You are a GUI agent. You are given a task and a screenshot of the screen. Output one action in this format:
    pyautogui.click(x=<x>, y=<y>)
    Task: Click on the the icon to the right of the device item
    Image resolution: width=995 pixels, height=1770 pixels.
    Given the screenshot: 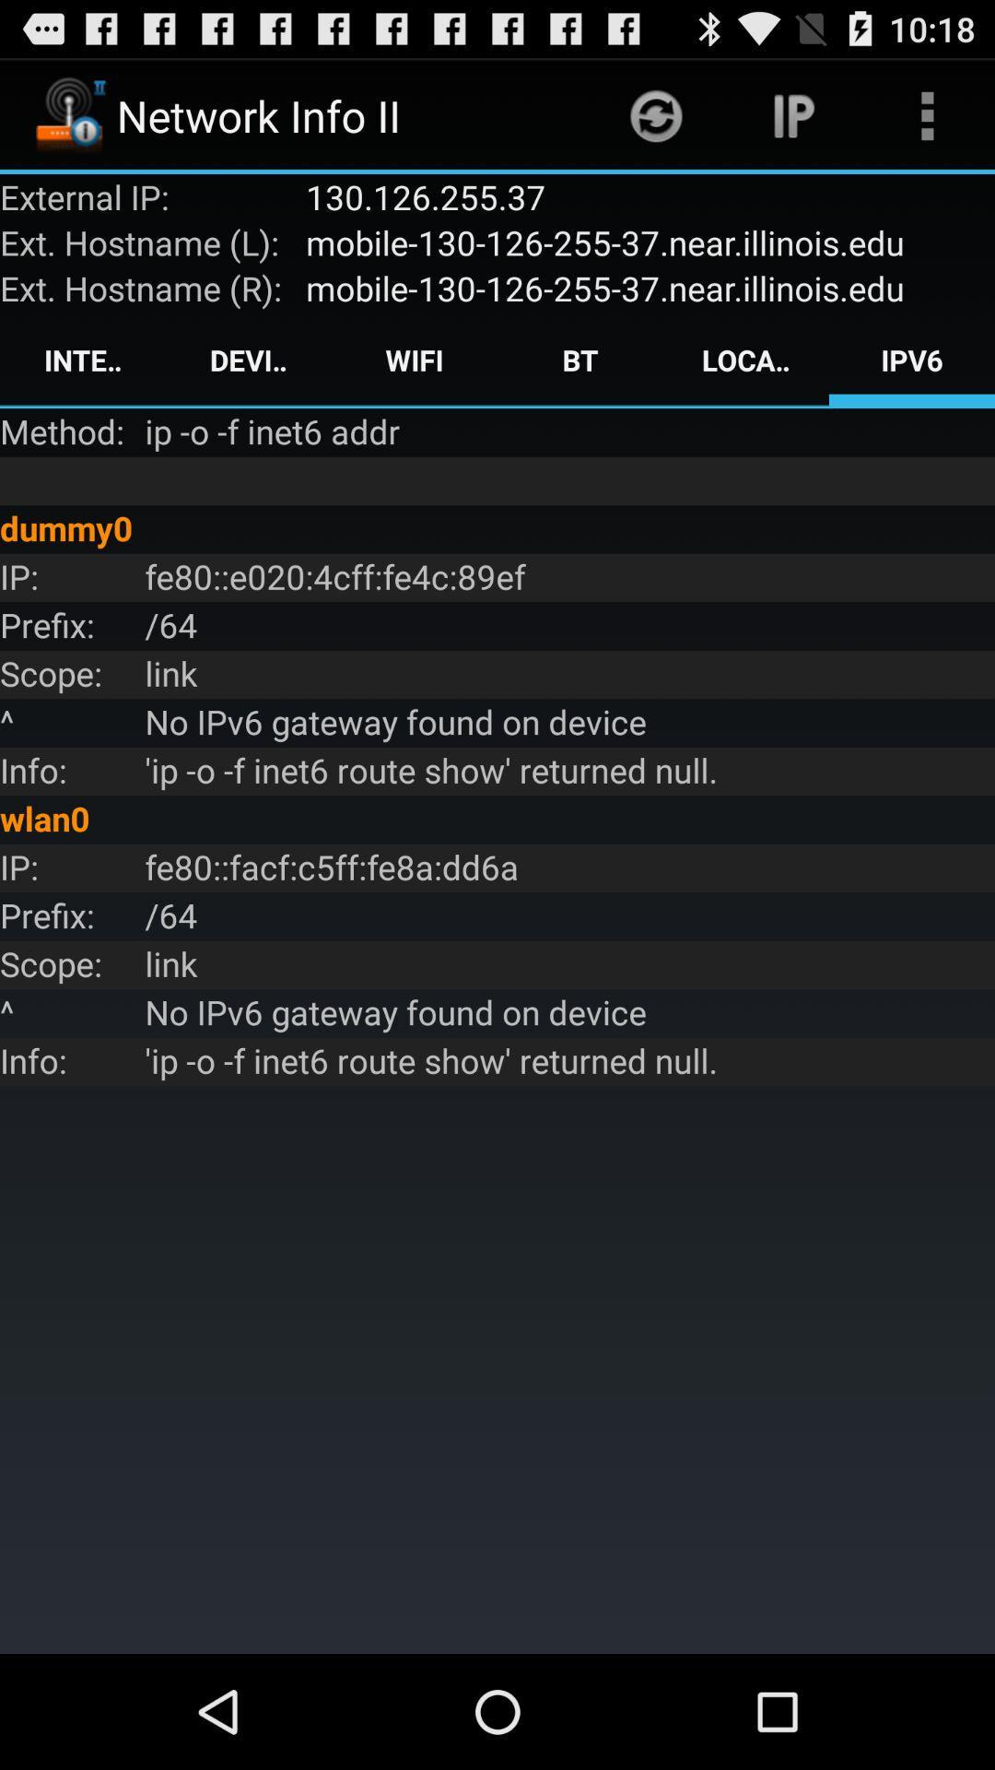 What is the action you would take?
    pyautogui.click(x=415, y=360)
    